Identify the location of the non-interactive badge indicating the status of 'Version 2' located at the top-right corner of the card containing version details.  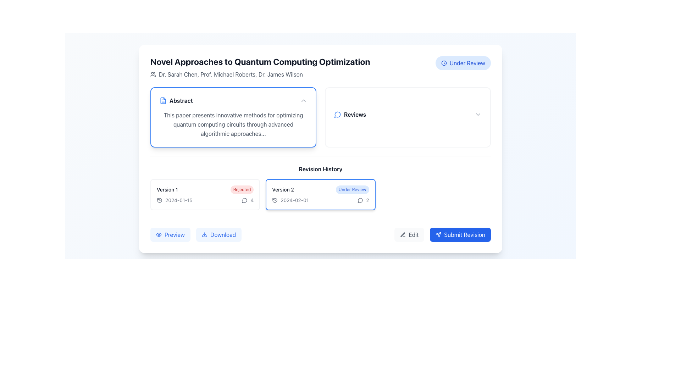
(352, 189).